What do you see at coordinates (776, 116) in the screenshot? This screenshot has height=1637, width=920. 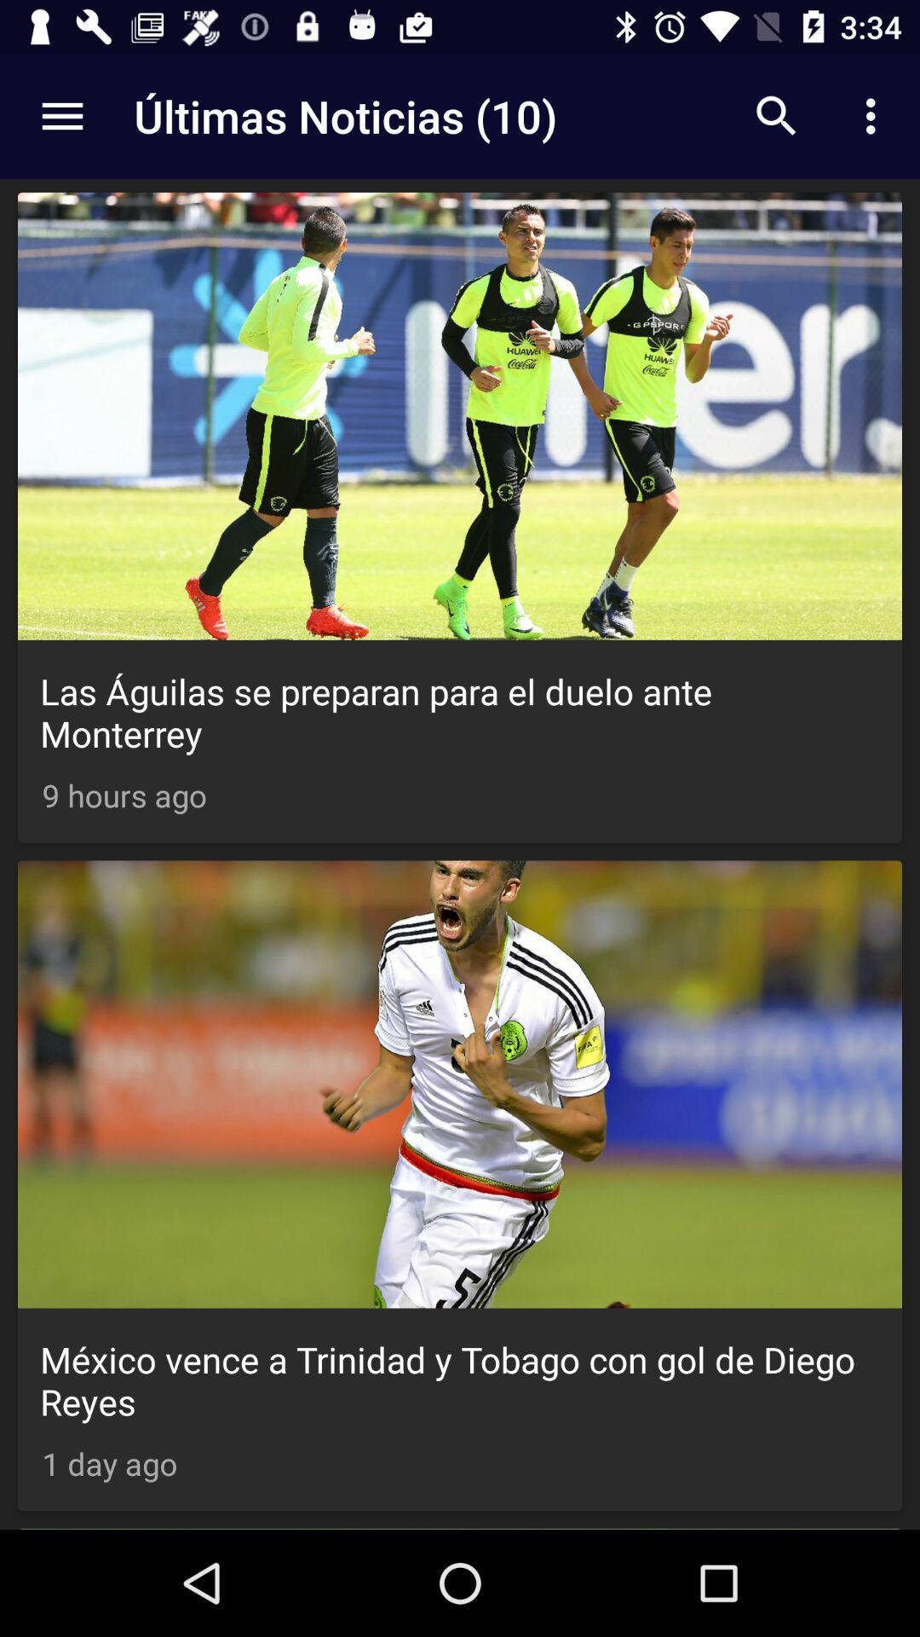 I see `search button` at bounding box center [776, 116].